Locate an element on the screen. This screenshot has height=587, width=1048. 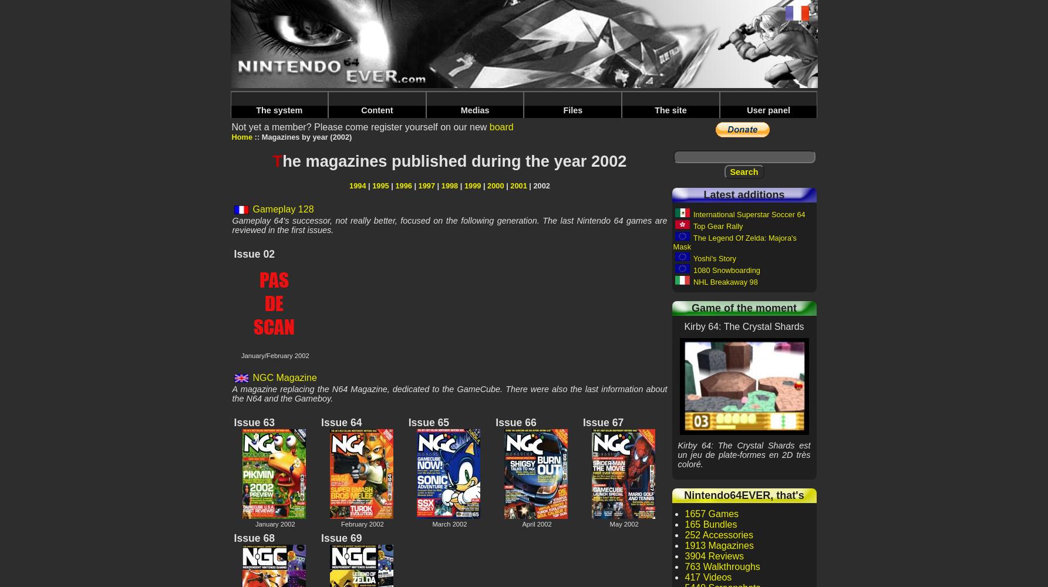
'Issue 64' is located at coordinates (341, 422).